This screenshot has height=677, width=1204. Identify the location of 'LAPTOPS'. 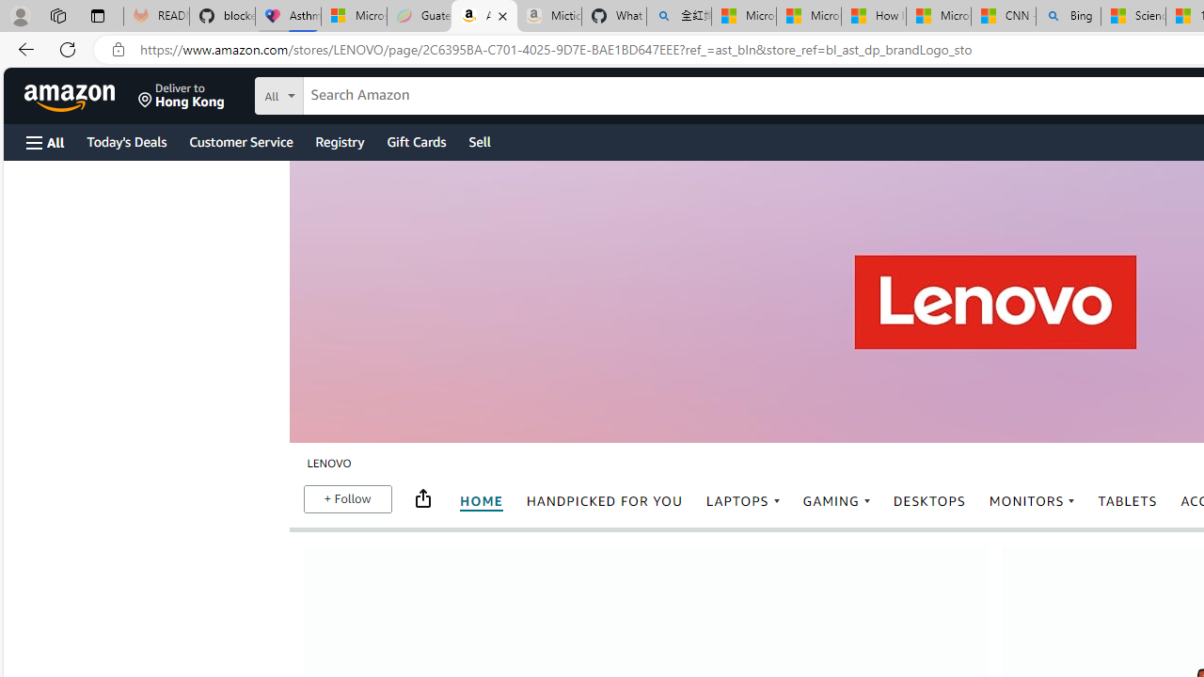
(742, 500).